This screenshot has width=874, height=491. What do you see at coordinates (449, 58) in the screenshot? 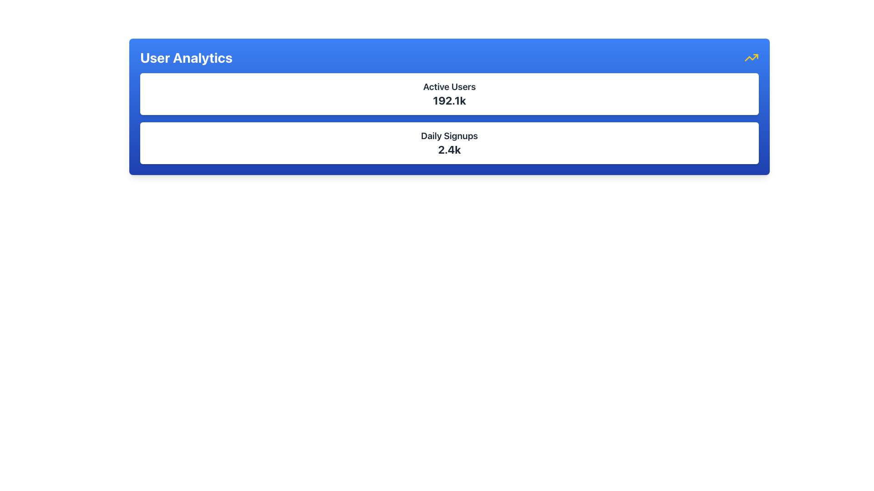
I see `the Header element that indicates user analytics information, located at the top of the card section above 'Active Users' and 'Daily Signups'` at bounding box center [449, 58].